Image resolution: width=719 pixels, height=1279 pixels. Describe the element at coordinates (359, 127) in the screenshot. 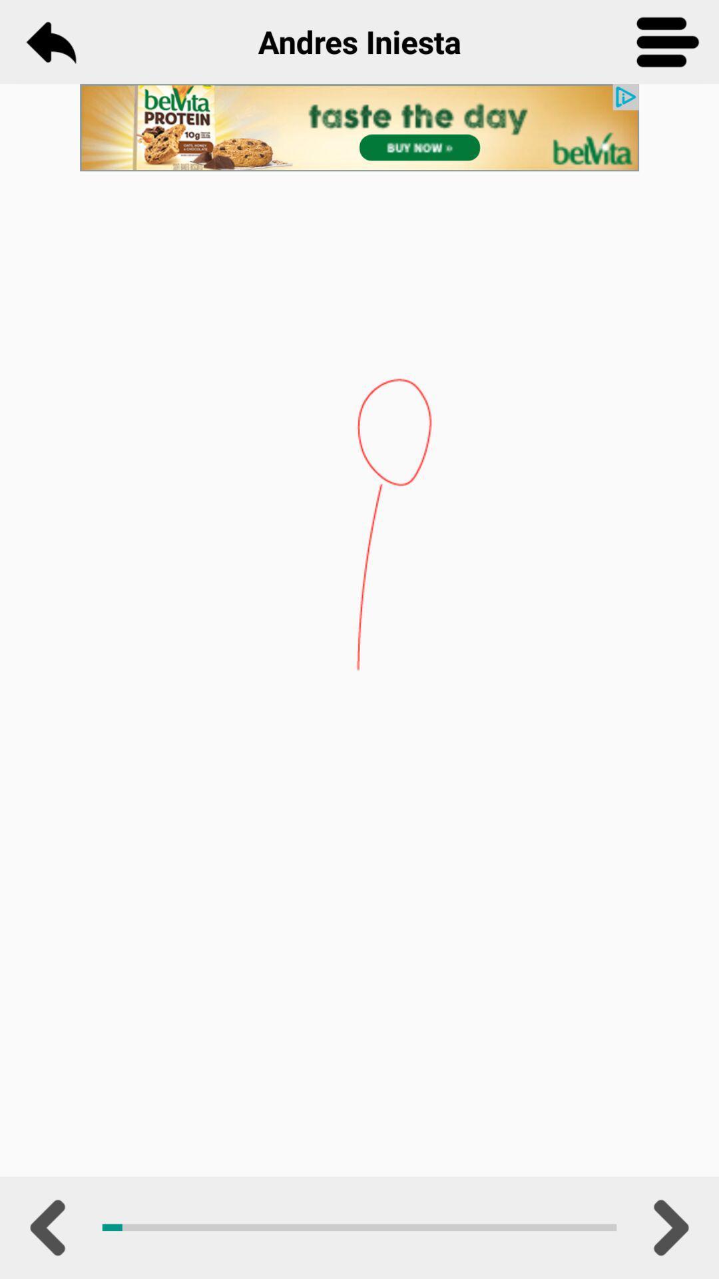

I see `advertisement page` at that location.